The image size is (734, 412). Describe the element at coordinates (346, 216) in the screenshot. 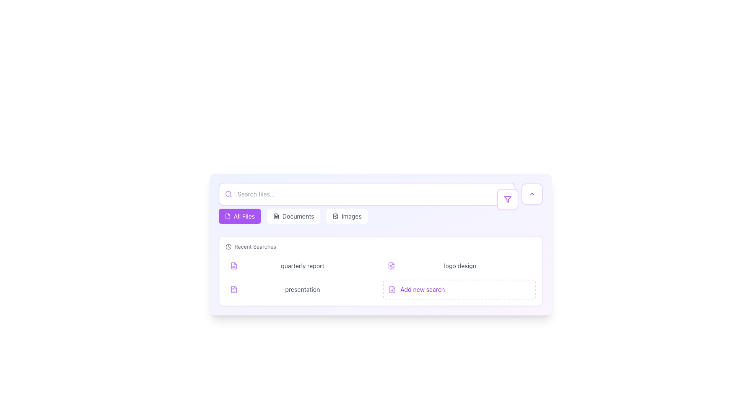

I see `the 'Images' button, which is a rounded rectangular button with a white background and gray text, located in the center-top bar, to filter images` at that location.